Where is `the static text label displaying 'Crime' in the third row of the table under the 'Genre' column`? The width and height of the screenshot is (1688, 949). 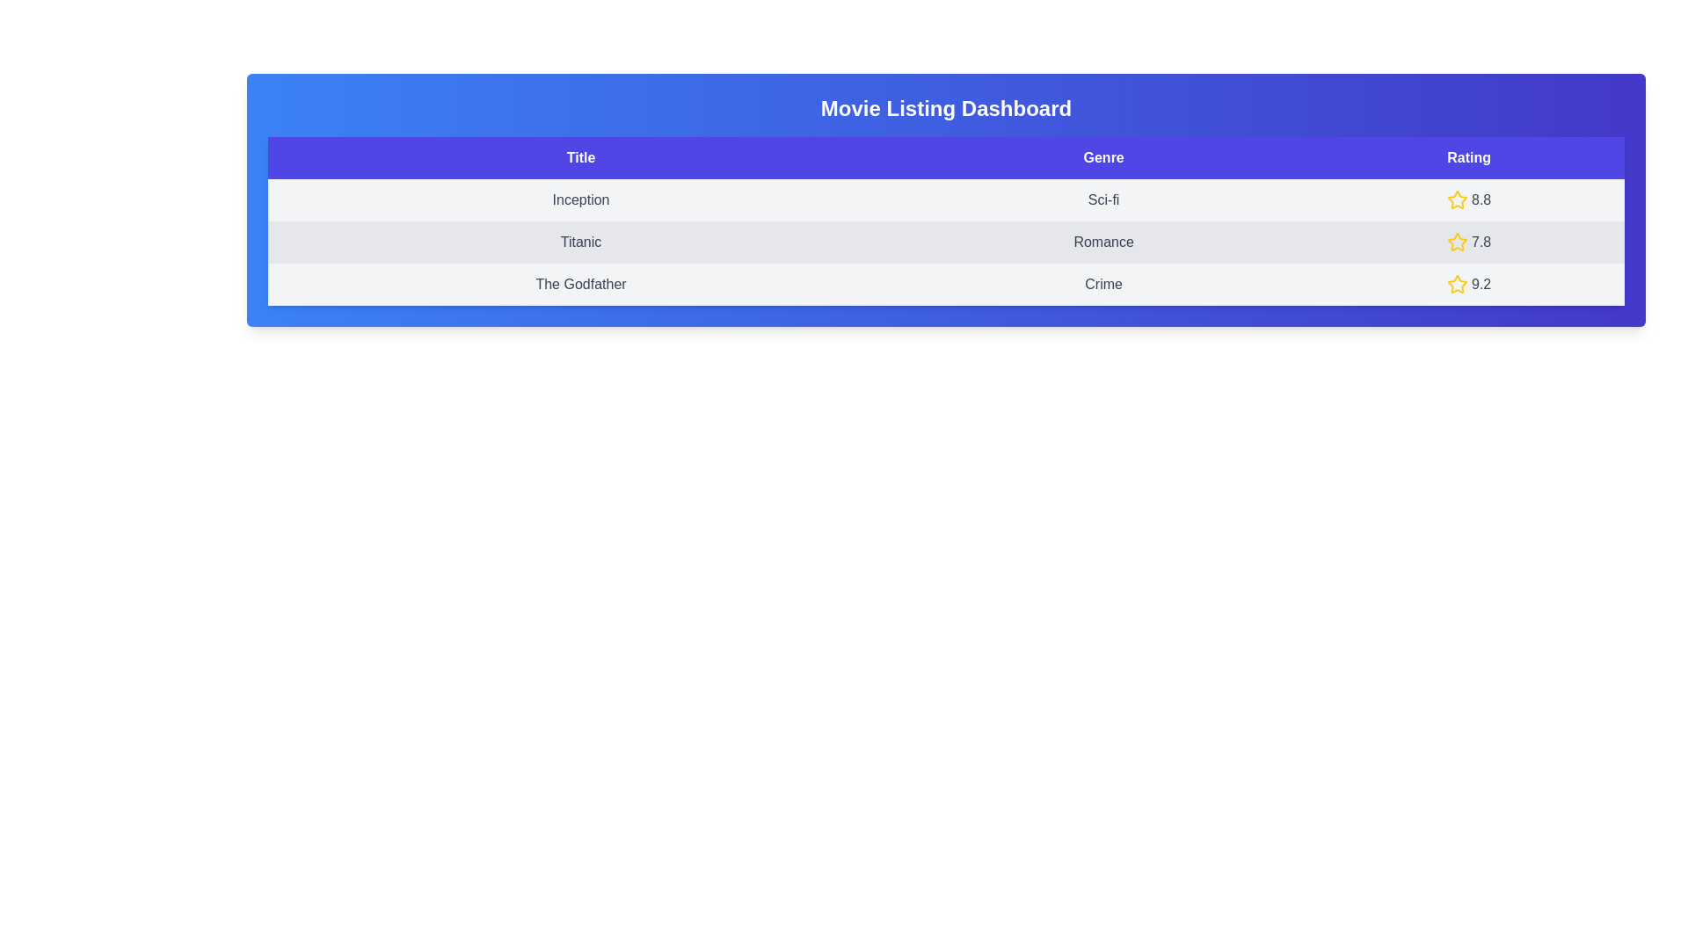 the static text label displaying 'Crime' in the third row of the table under the 'Genre' column is located at coordinates (1102, 284).